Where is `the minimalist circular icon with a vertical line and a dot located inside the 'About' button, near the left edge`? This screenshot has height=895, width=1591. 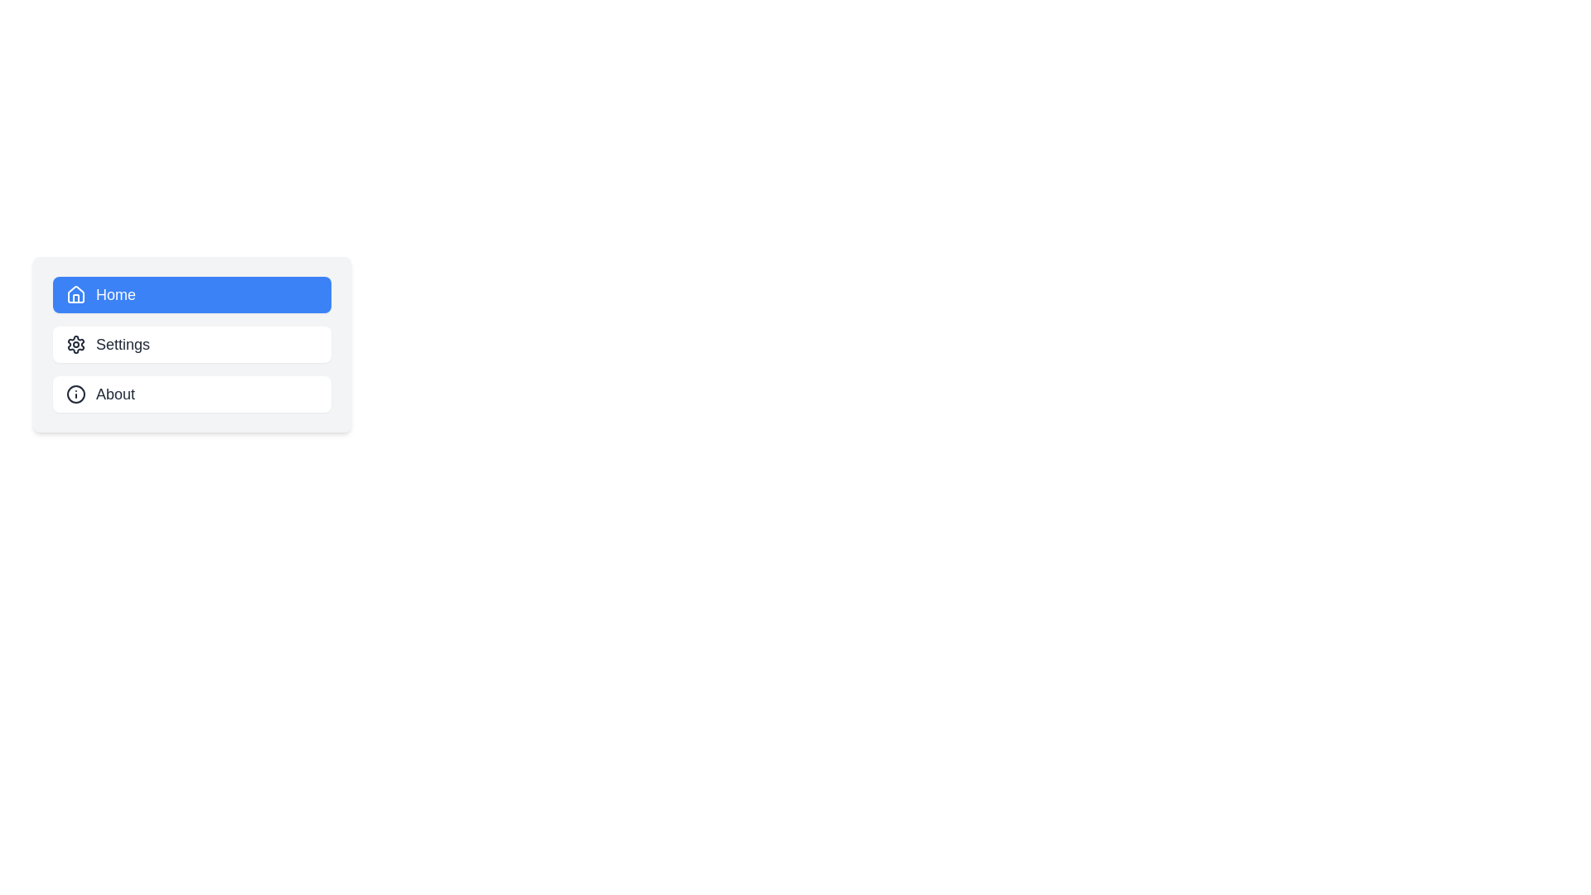 the minimalist circular icon with a vertical line and a dot located inside the 'About' button, near the left edge is located at coordinates (75, 394).